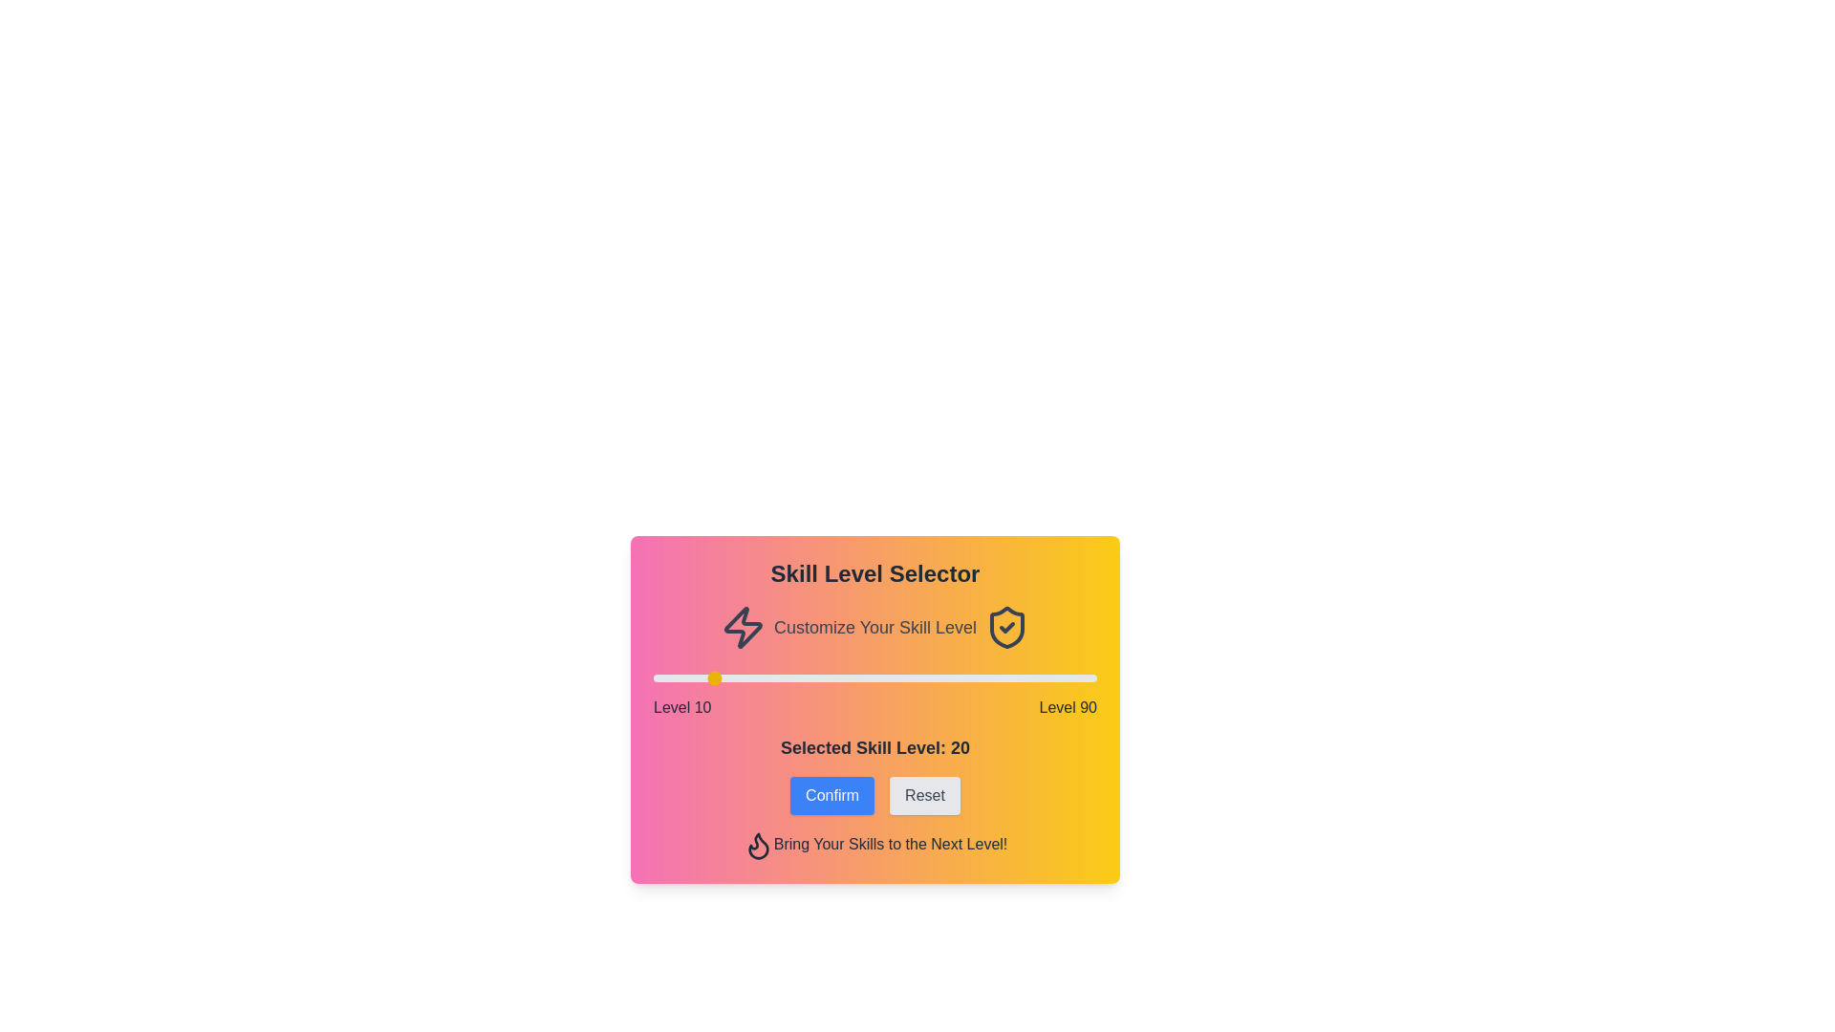  Describe the element at coordinates (757, 844) in the screenshot. I see `the specified icon (Flame) to trigger its action` at that location.